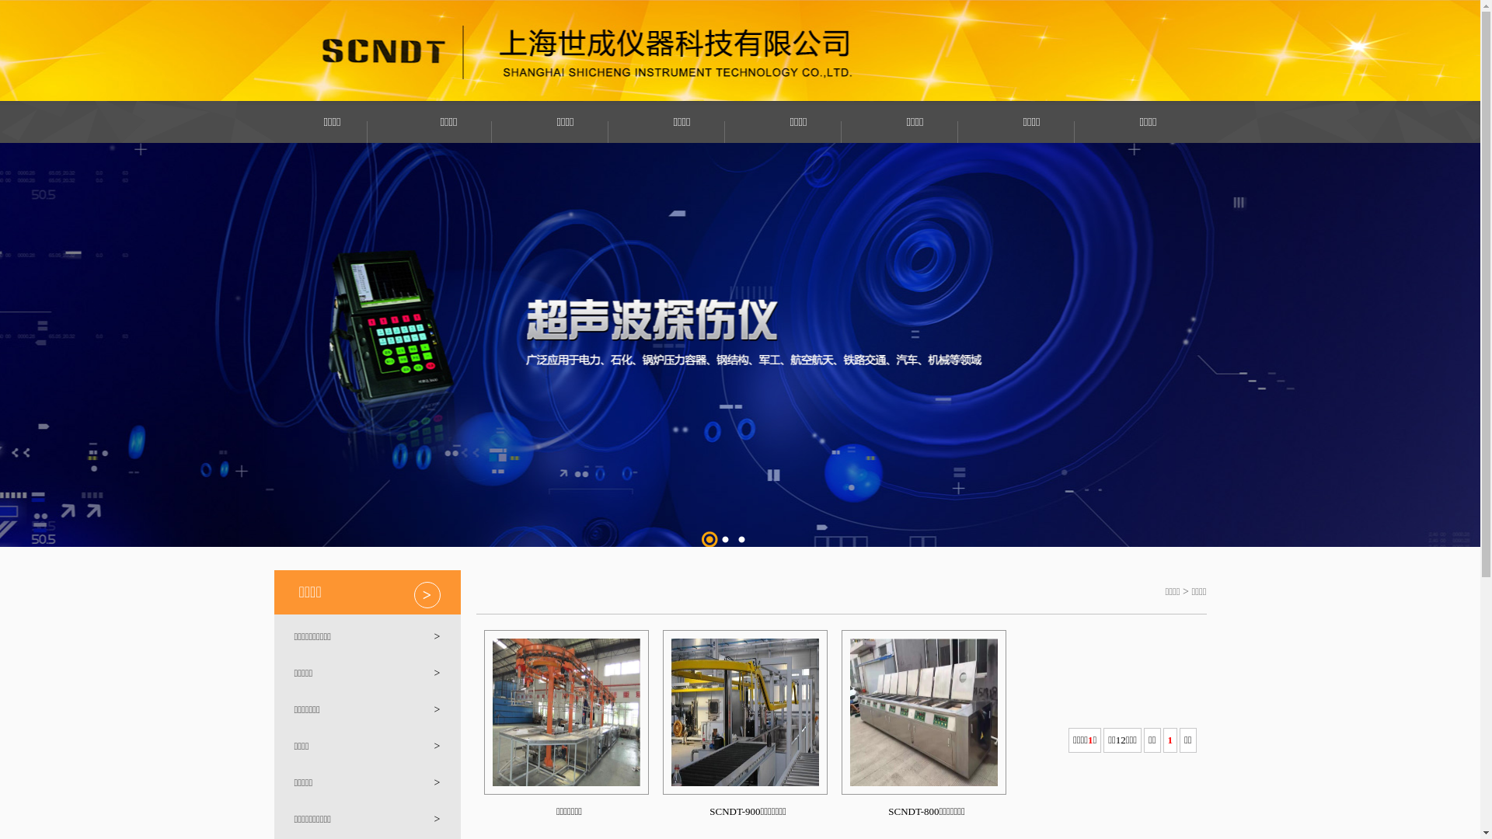 The height and width of the screenshot is (839, 1492). Describe the element at coordinates (733, 538) in the screenshot. I see `'3'` at that location.